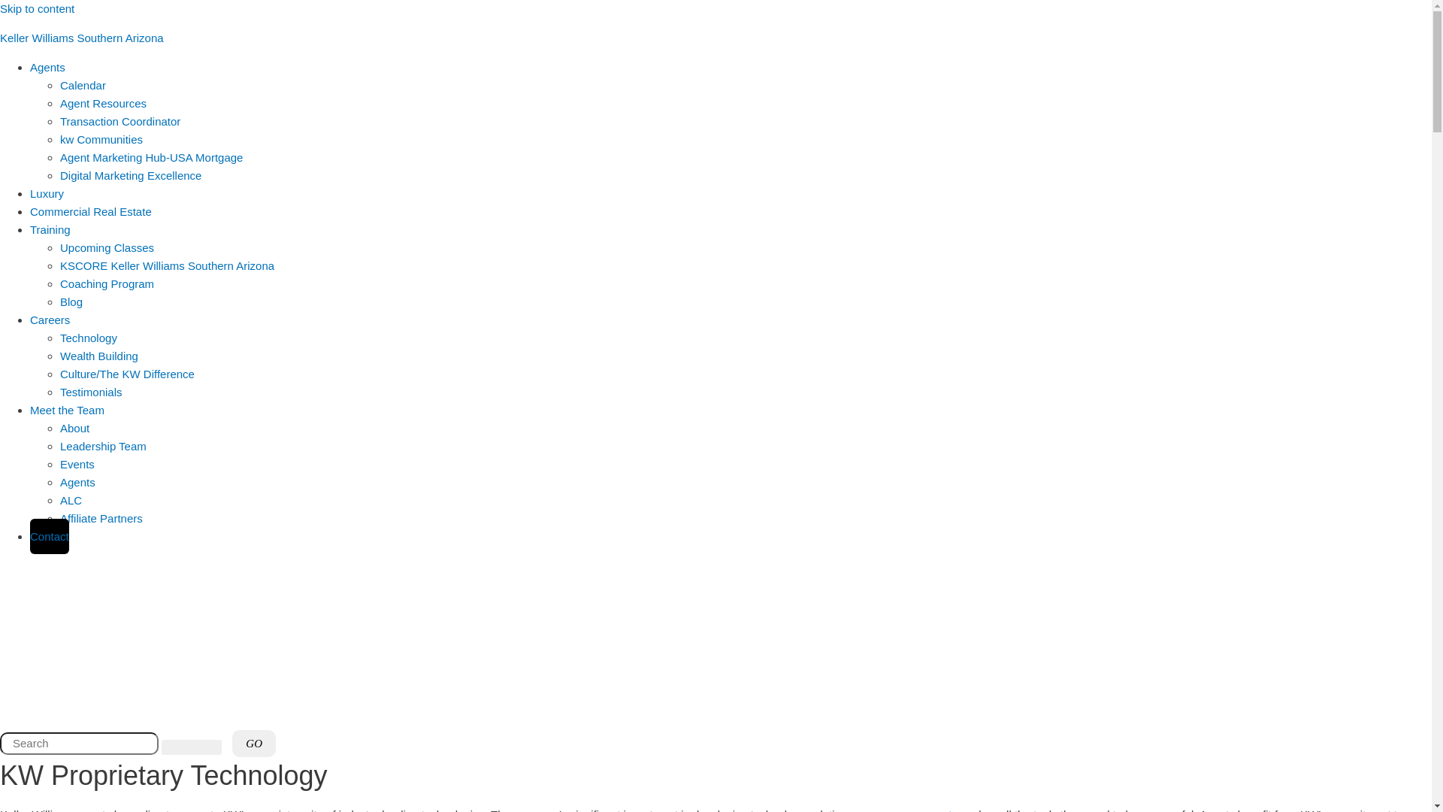  I want to click on 'Transaction Coordinator', so click(119, 120).